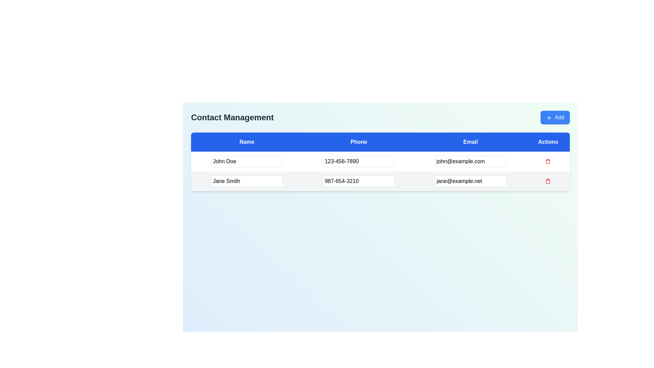  Describe the element at coordinates (358, 141) in the screenshot. I see `the header cell that indicates the phone numbers column, located between the 'Name' and 'Email' headers in the table` at that location.